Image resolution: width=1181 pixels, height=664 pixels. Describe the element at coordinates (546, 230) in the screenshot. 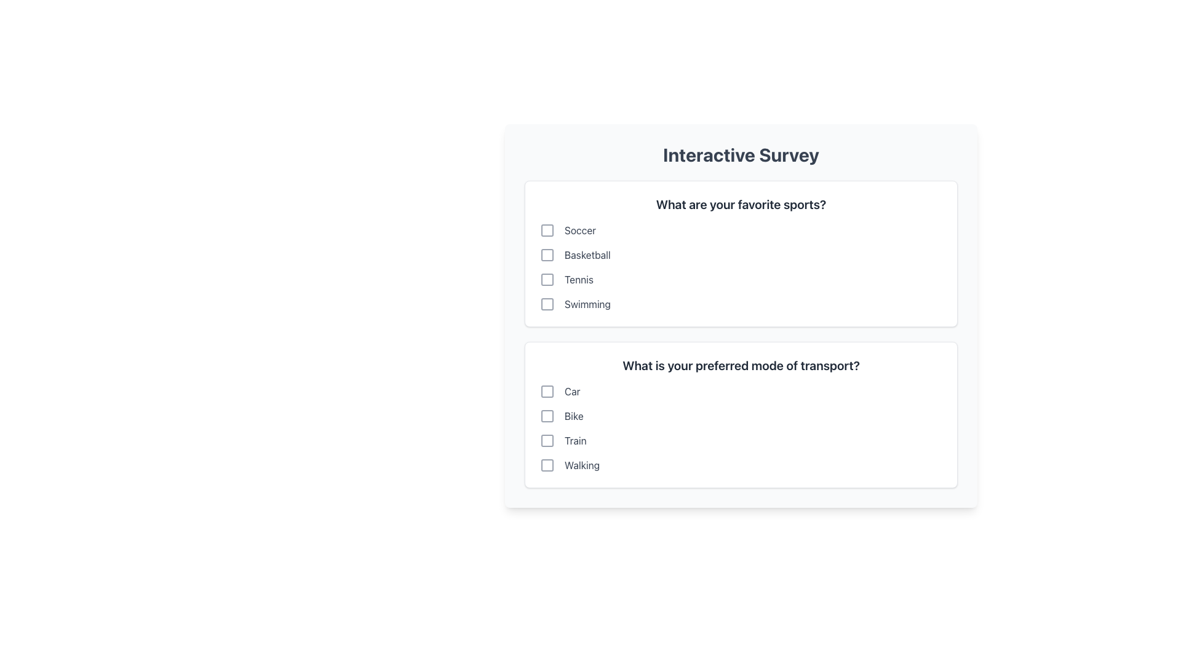

I see `the checkbox for the 'Soccer' option in the survey's favorite sports list` at that location.